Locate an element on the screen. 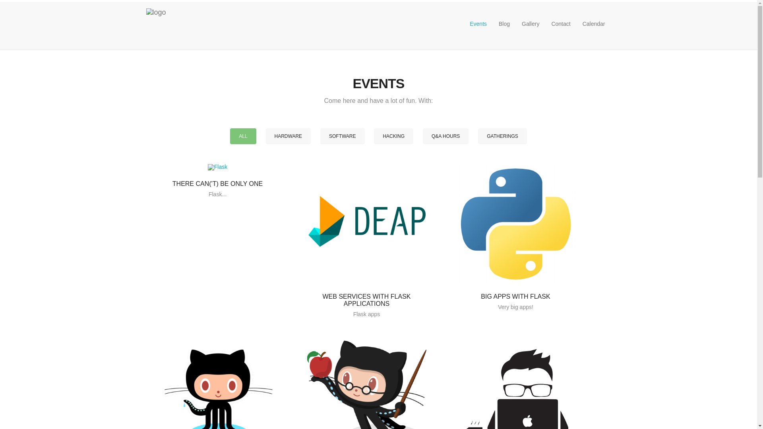 The image size is (763, 429). 'Calendar' is located at coordinates (594, 23).